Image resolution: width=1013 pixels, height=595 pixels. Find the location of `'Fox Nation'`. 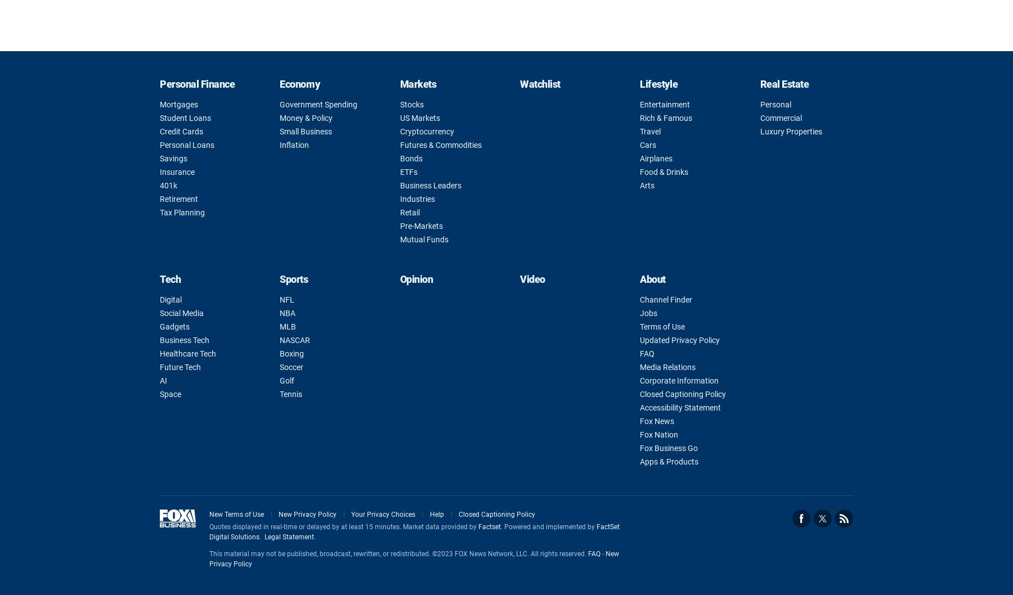

'Fox Nation' is located at coordinates (658, 434).